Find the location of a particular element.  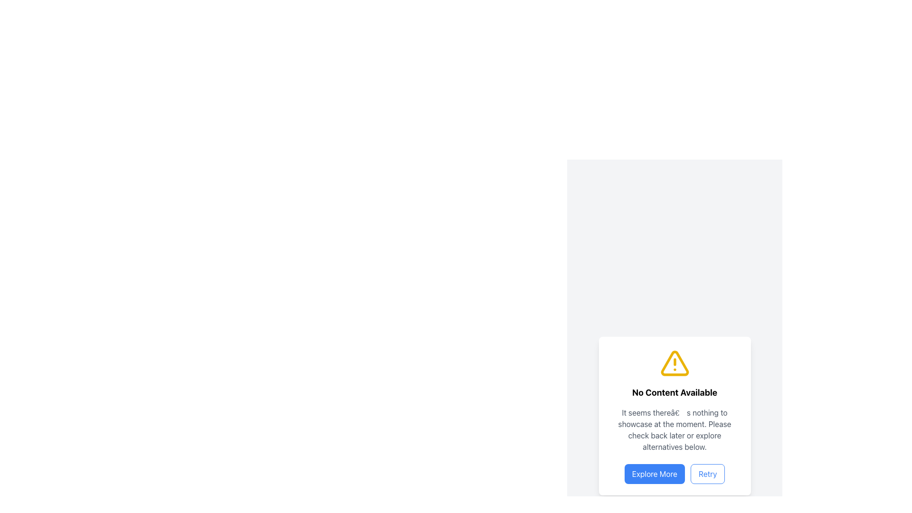

the alert icon located above the bold text 'No Content Available' within the card structure to draw attention to the message is located at coordinates (674, 363).